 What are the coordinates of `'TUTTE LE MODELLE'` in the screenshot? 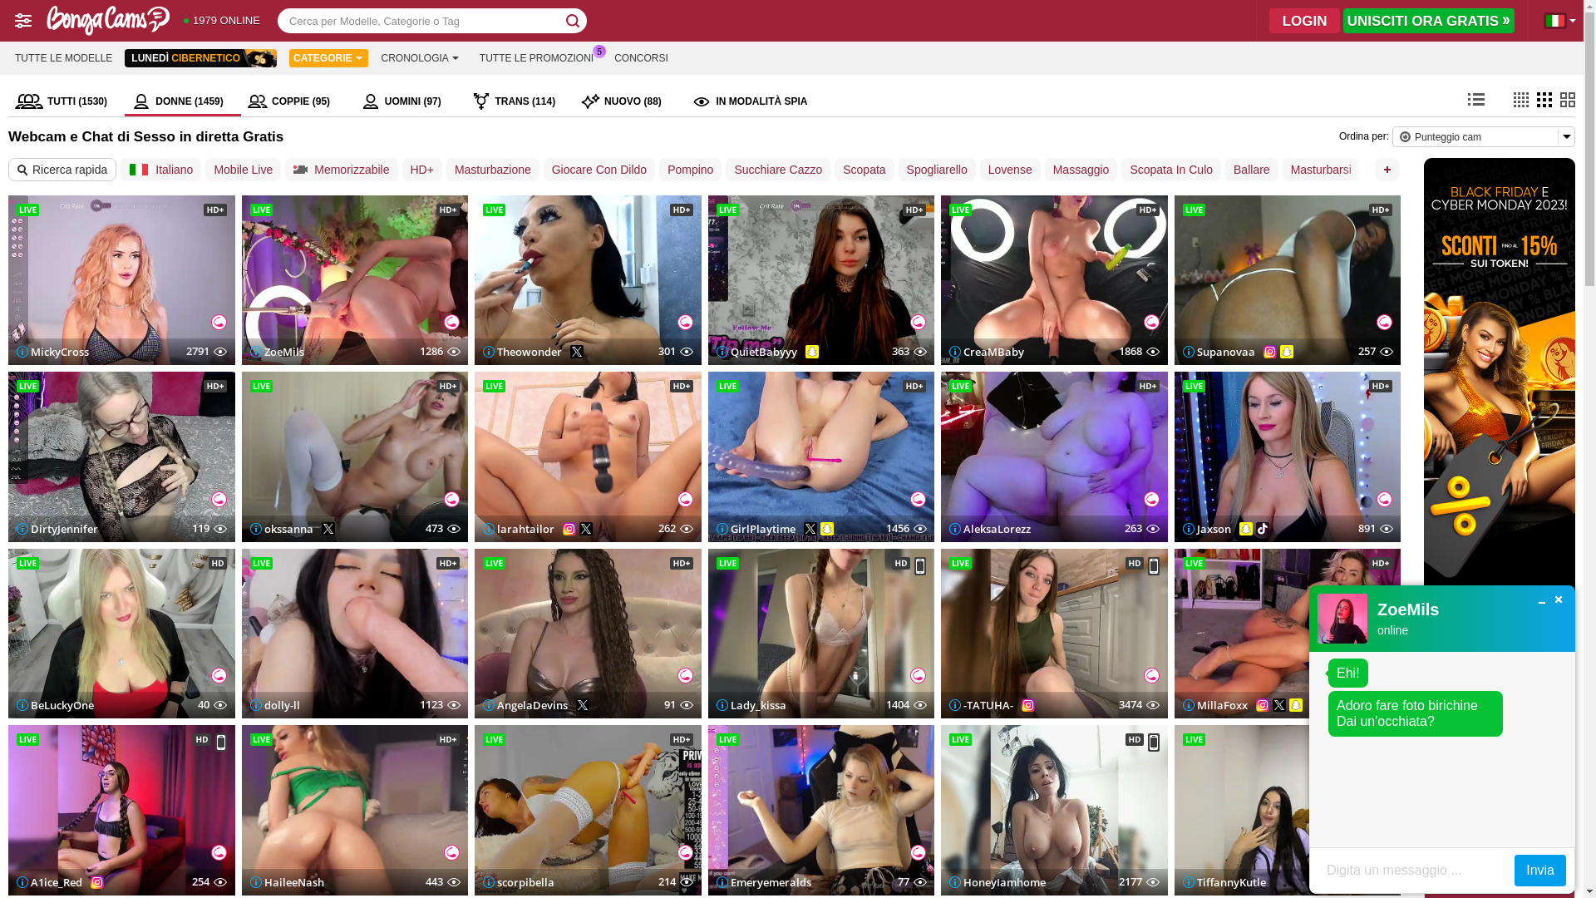 It's located at (7, 57).